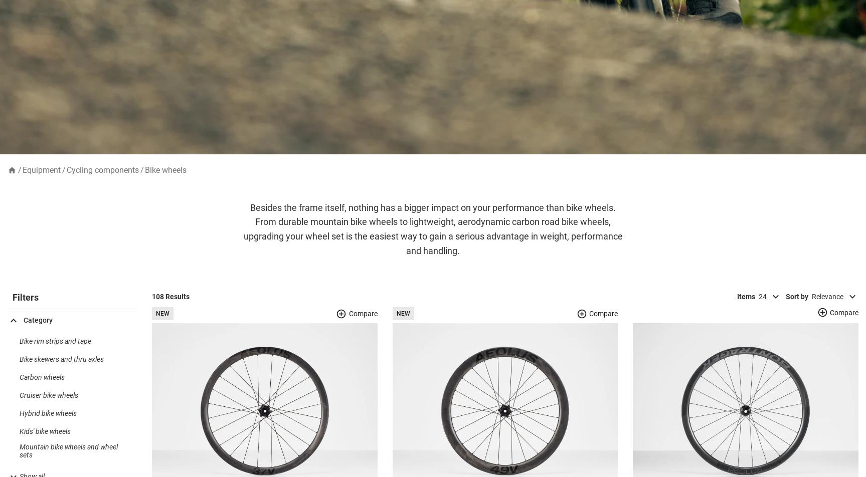 This screenshot has height=477, width=866. I want to click on 'Kids' bike wheels', so click(45, 447).